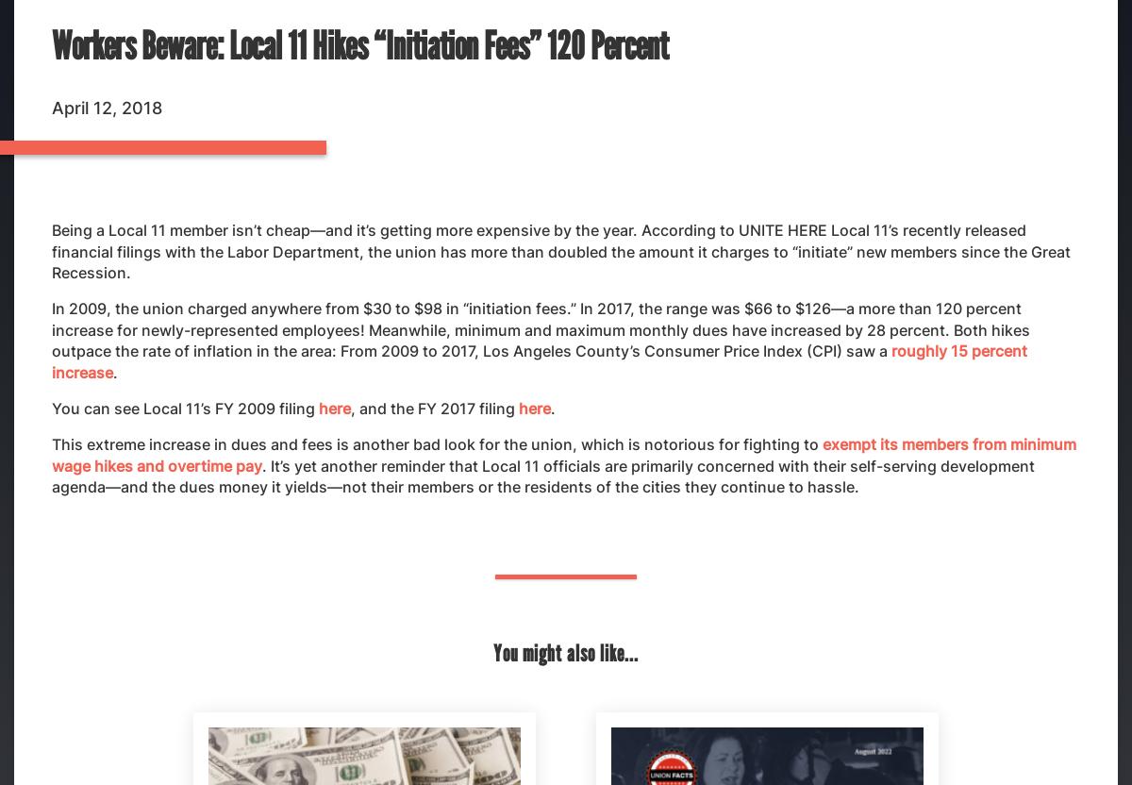 Image resolution: width=1132 pixels, height=785 pixels. What do you see at coordinates (184, 408) in the screenshot?
I see `'You can see Local 11’s FY 2009 filing'` at bounding box center [184, 408].